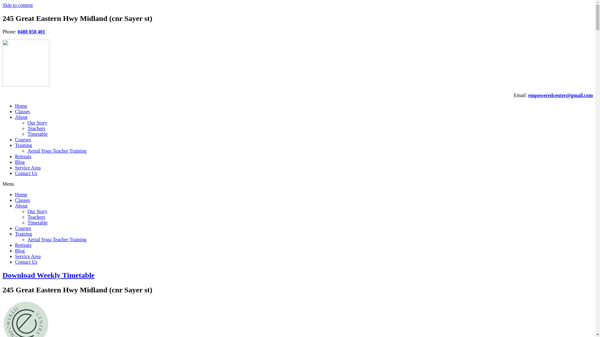 This screenshot has width=600, height=337. I want to click on 'Blog', so click(20, 250).